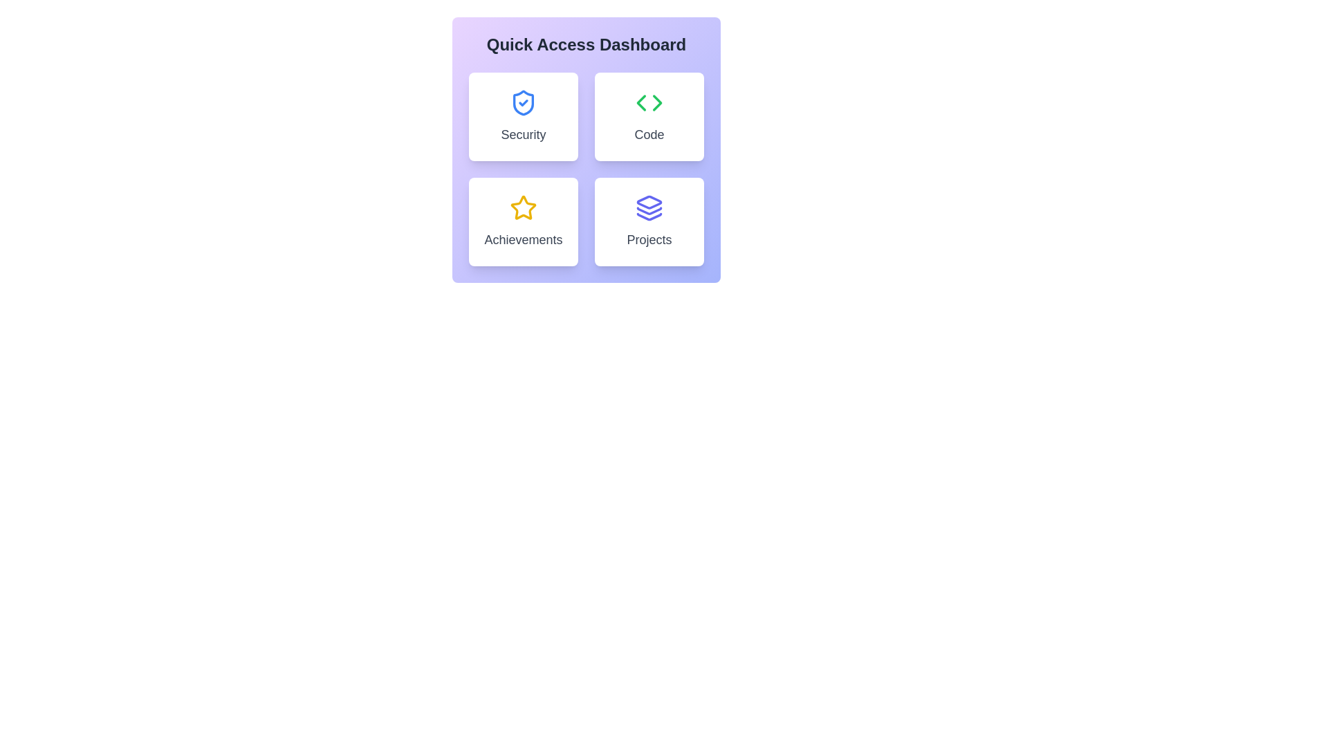  Describe the element at coordinates (649, 135) in the screenshot. I see `the interactive text label located in the top-right card of the 2x2 grid layout under the heading 'Quick Access Dashboard'` at that location.